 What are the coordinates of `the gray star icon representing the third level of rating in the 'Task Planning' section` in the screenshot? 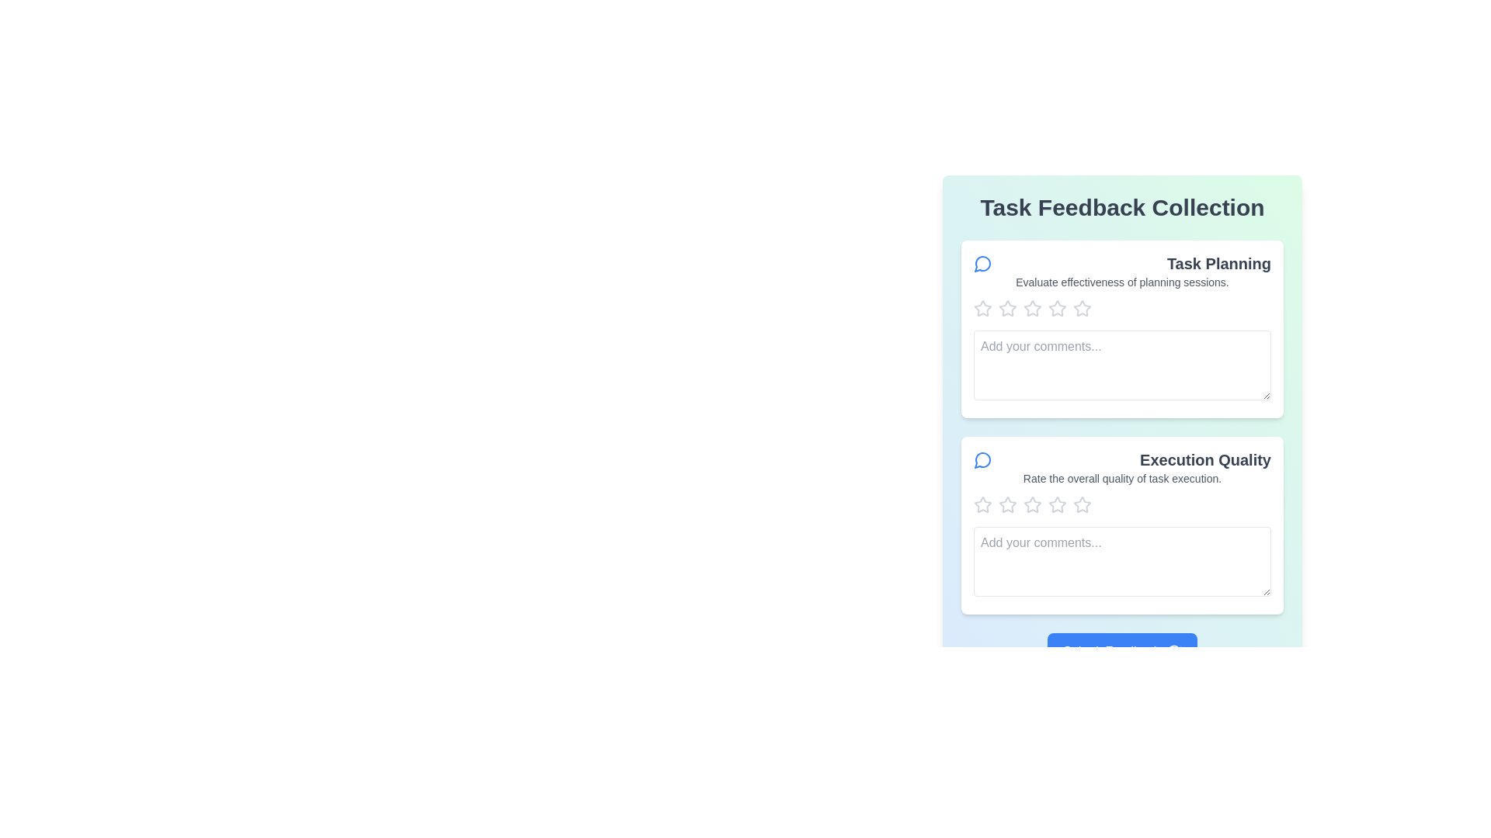 It's located at (1007, 308).